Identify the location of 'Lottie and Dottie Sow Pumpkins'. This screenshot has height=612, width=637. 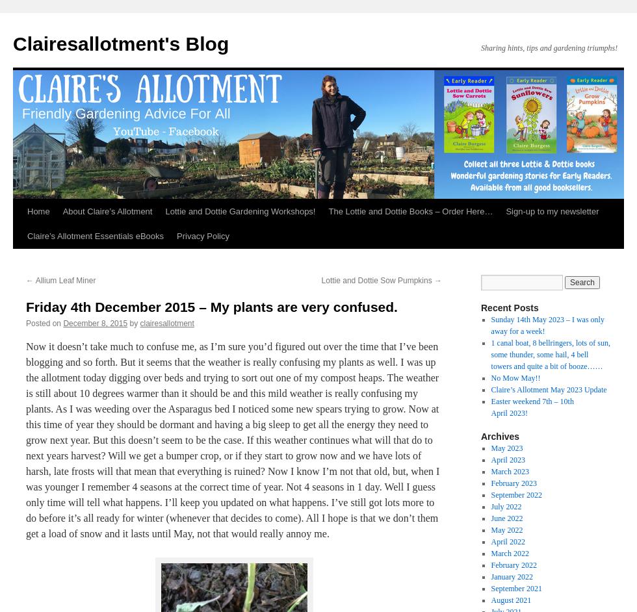
(378, 280).